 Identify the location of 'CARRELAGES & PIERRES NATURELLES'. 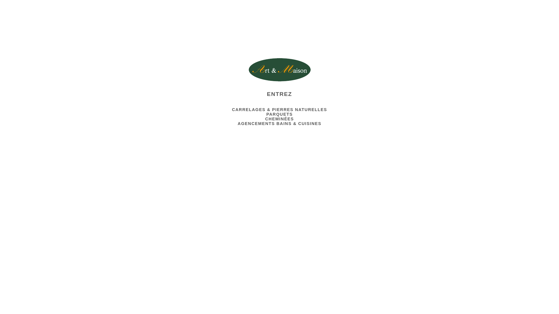
(279, 110).